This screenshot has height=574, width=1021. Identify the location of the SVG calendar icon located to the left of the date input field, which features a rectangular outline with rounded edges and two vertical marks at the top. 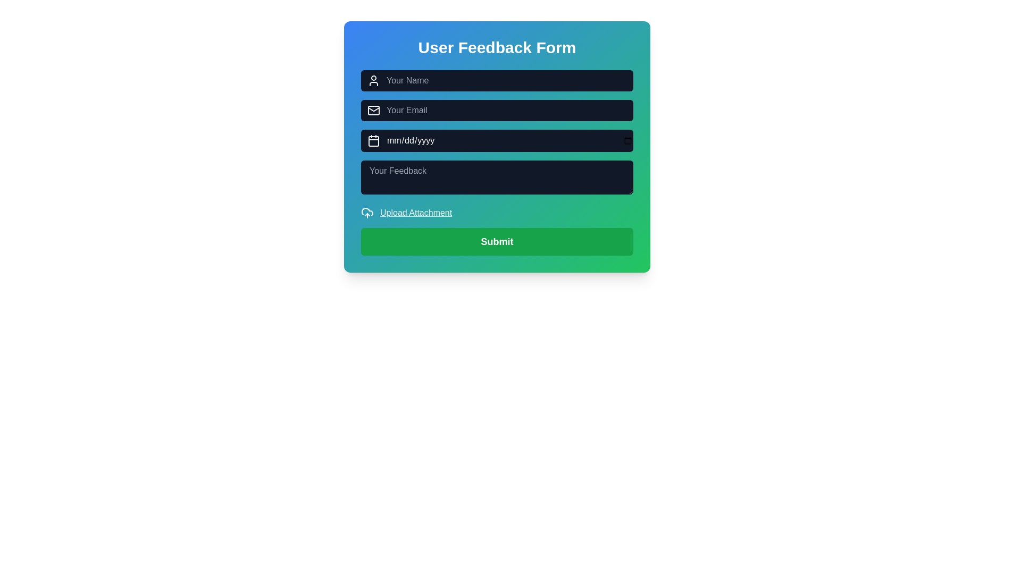
(373, 140).